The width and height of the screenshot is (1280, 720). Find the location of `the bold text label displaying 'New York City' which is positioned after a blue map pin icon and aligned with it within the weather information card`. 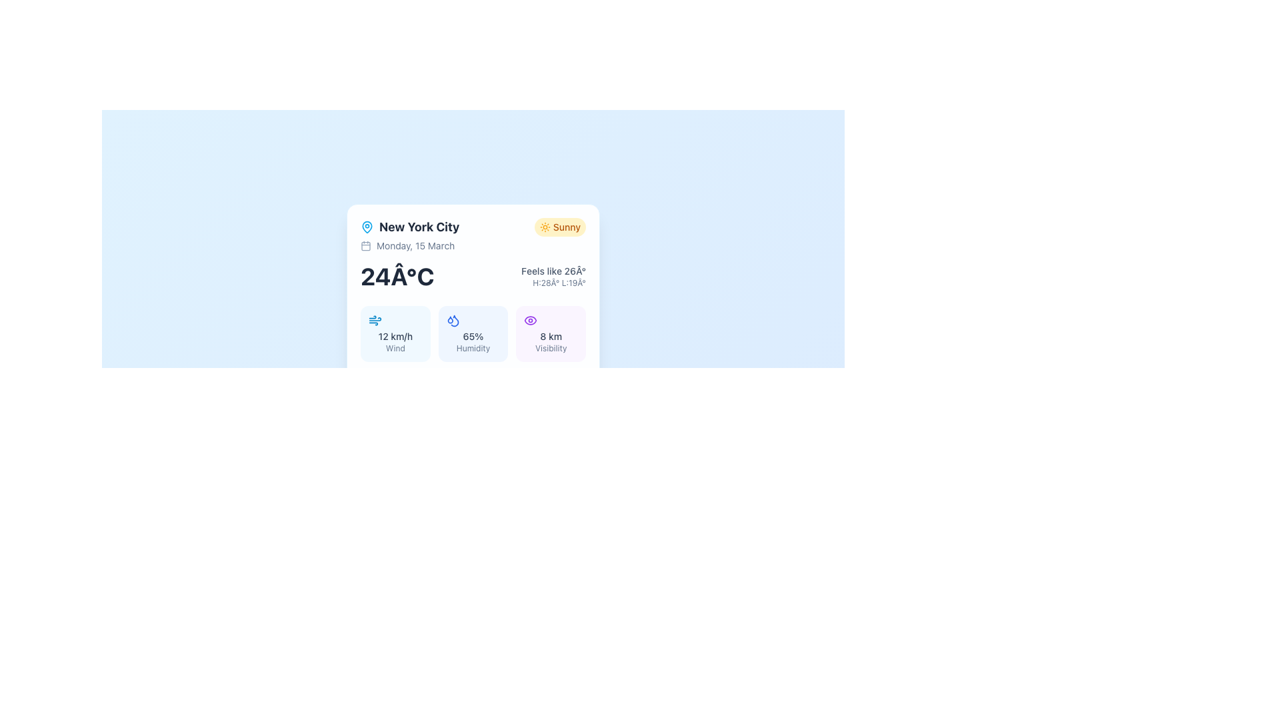

the bold text label displaying 'New York City' which is positioned after a blue map pin icon and aligned with it within the weather information card is located at coordinates (419, 226).